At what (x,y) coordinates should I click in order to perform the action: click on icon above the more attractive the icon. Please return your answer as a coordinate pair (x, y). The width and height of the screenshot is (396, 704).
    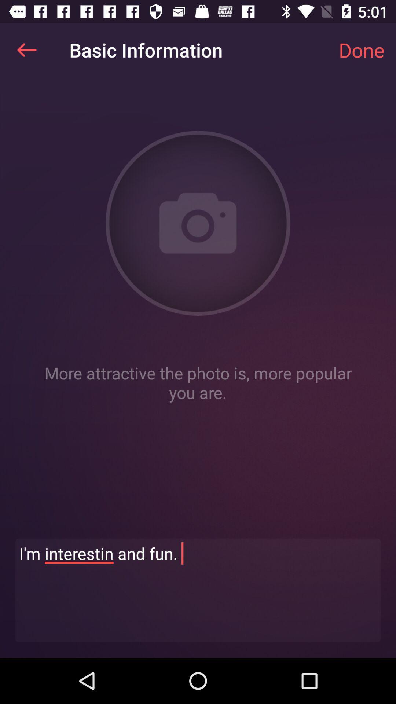
    Looking at the image, I should click on (361, 49).